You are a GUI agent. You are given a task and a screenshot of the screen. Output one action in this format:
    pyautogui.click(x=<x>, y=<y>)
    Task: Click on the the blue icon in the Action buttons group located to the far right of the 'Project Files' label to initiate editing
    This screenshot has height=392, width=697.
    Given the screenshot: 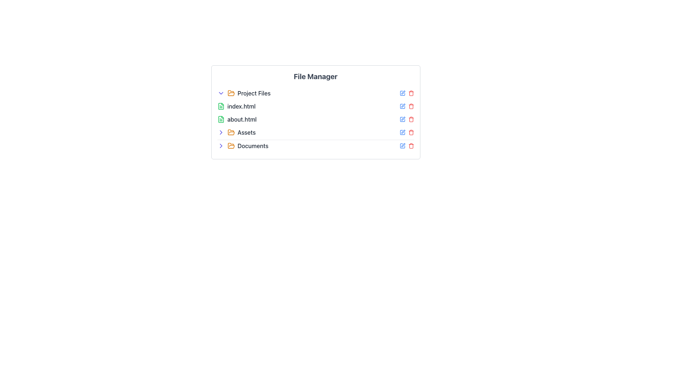 What is the action you would take?
    pyautogui.click(x=407, y=93)
    